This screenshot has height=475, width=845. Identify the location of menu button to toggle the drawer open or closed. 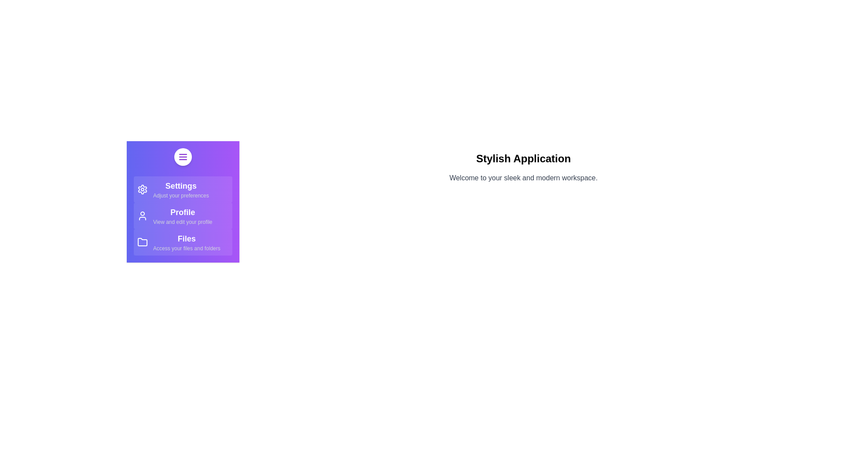
(183, 157).